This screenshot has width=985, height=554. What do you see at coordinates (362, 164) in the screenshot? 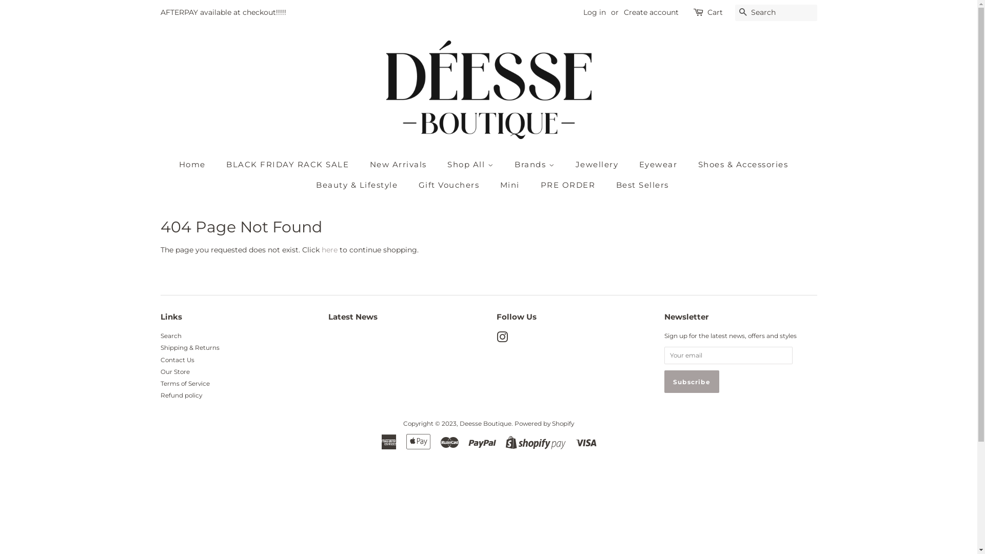
I see `'New Arrivals'` at bounding box center [362, 164].